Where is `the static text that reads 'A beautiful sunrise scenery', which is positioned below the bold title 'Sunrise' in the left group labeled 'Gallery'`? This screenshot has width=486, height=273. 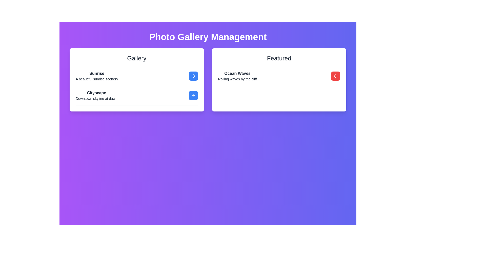 the static text that reads 'A beautiful sunrise scenery', which is positioned below the bold title 'Sunrise' in the left group labeled 'Gallery' is located at coordinates (97, 79).